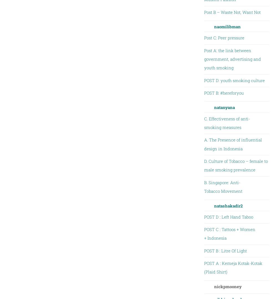  I want to click on 'nickpmooney', so click(227, 286).